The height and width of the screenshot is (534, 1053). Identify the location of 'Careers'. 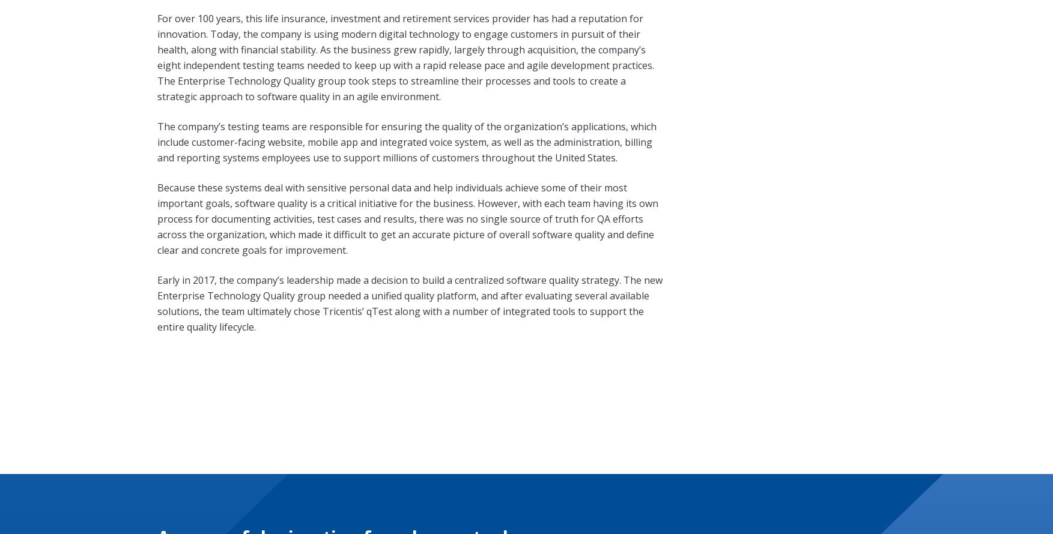
(156, 475).